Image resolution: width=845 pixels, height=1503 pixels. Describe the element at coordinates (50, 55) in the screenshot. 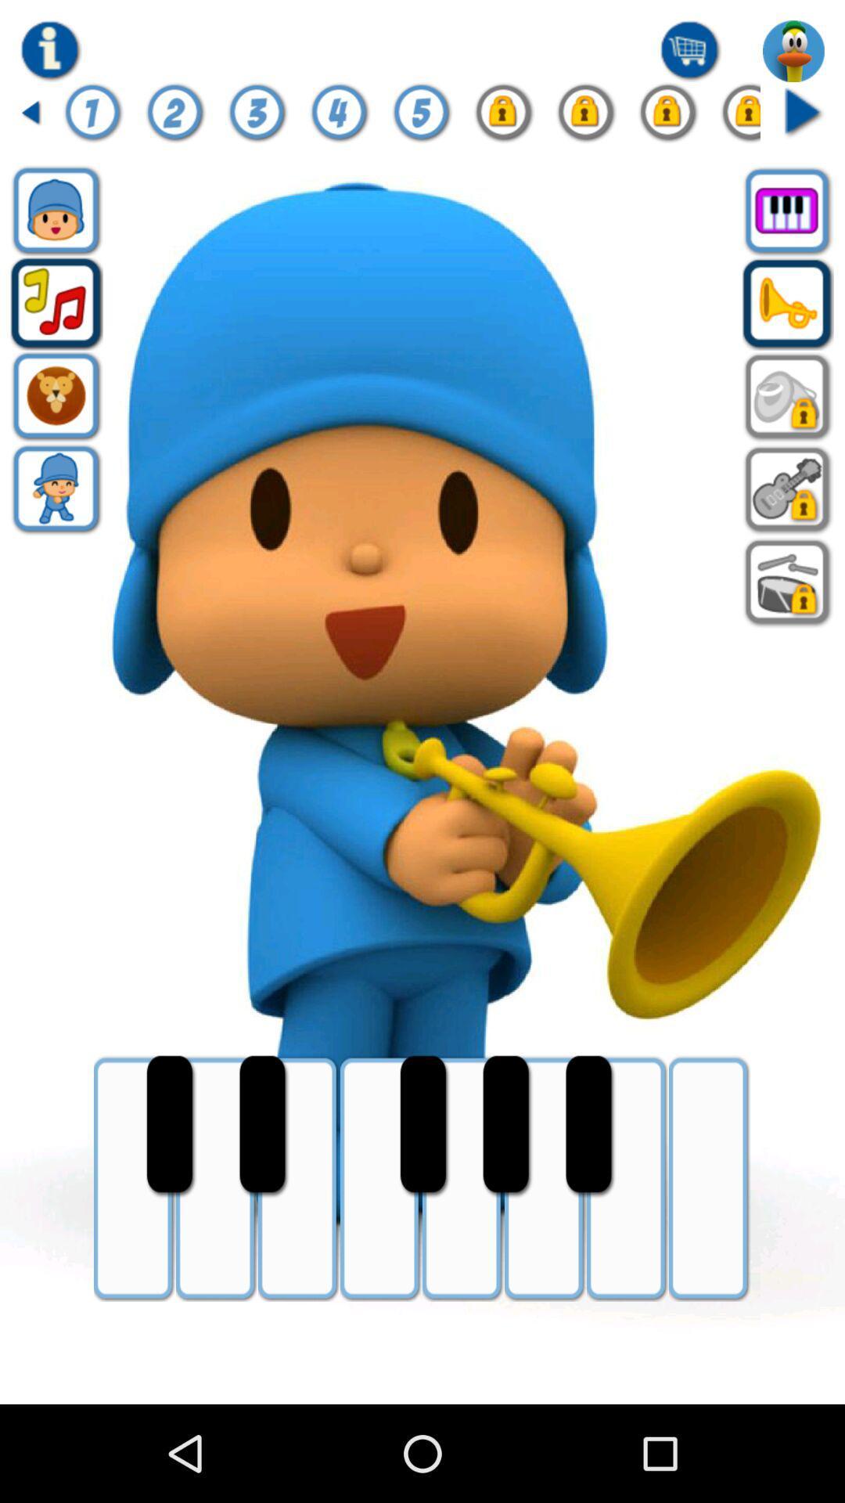

I see `the info icon` at that location.